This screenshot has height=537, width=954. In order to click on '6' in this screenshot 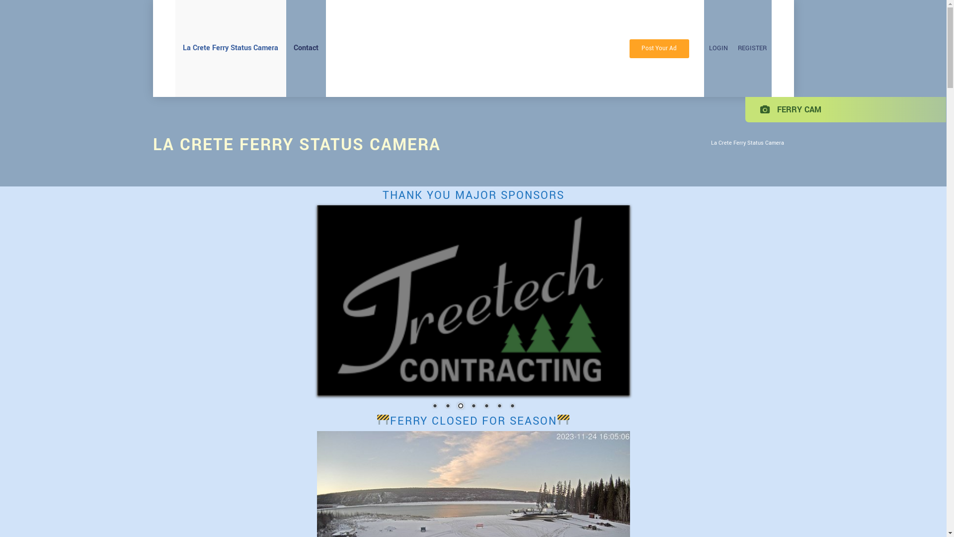, I will do `click(499, 406)`.